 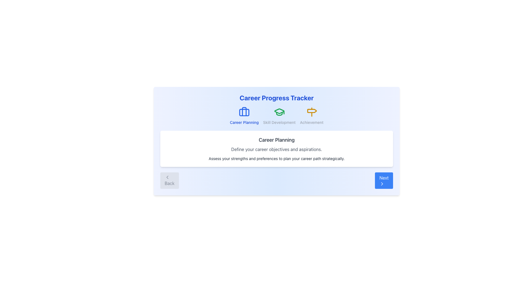 What do you see at coordinates (244, 116) in the screenshot?
I see `the first clickable menu item for career planning` at bounding box center [244, 116].